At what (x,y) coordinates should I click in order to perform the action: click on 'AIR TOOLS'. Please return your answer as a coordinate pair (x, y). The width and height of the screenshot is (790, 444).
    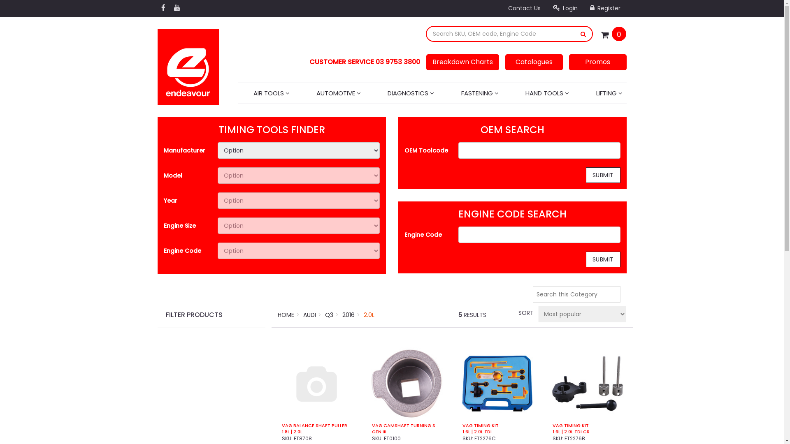
    Looking at the image, I should click on (272, 93).